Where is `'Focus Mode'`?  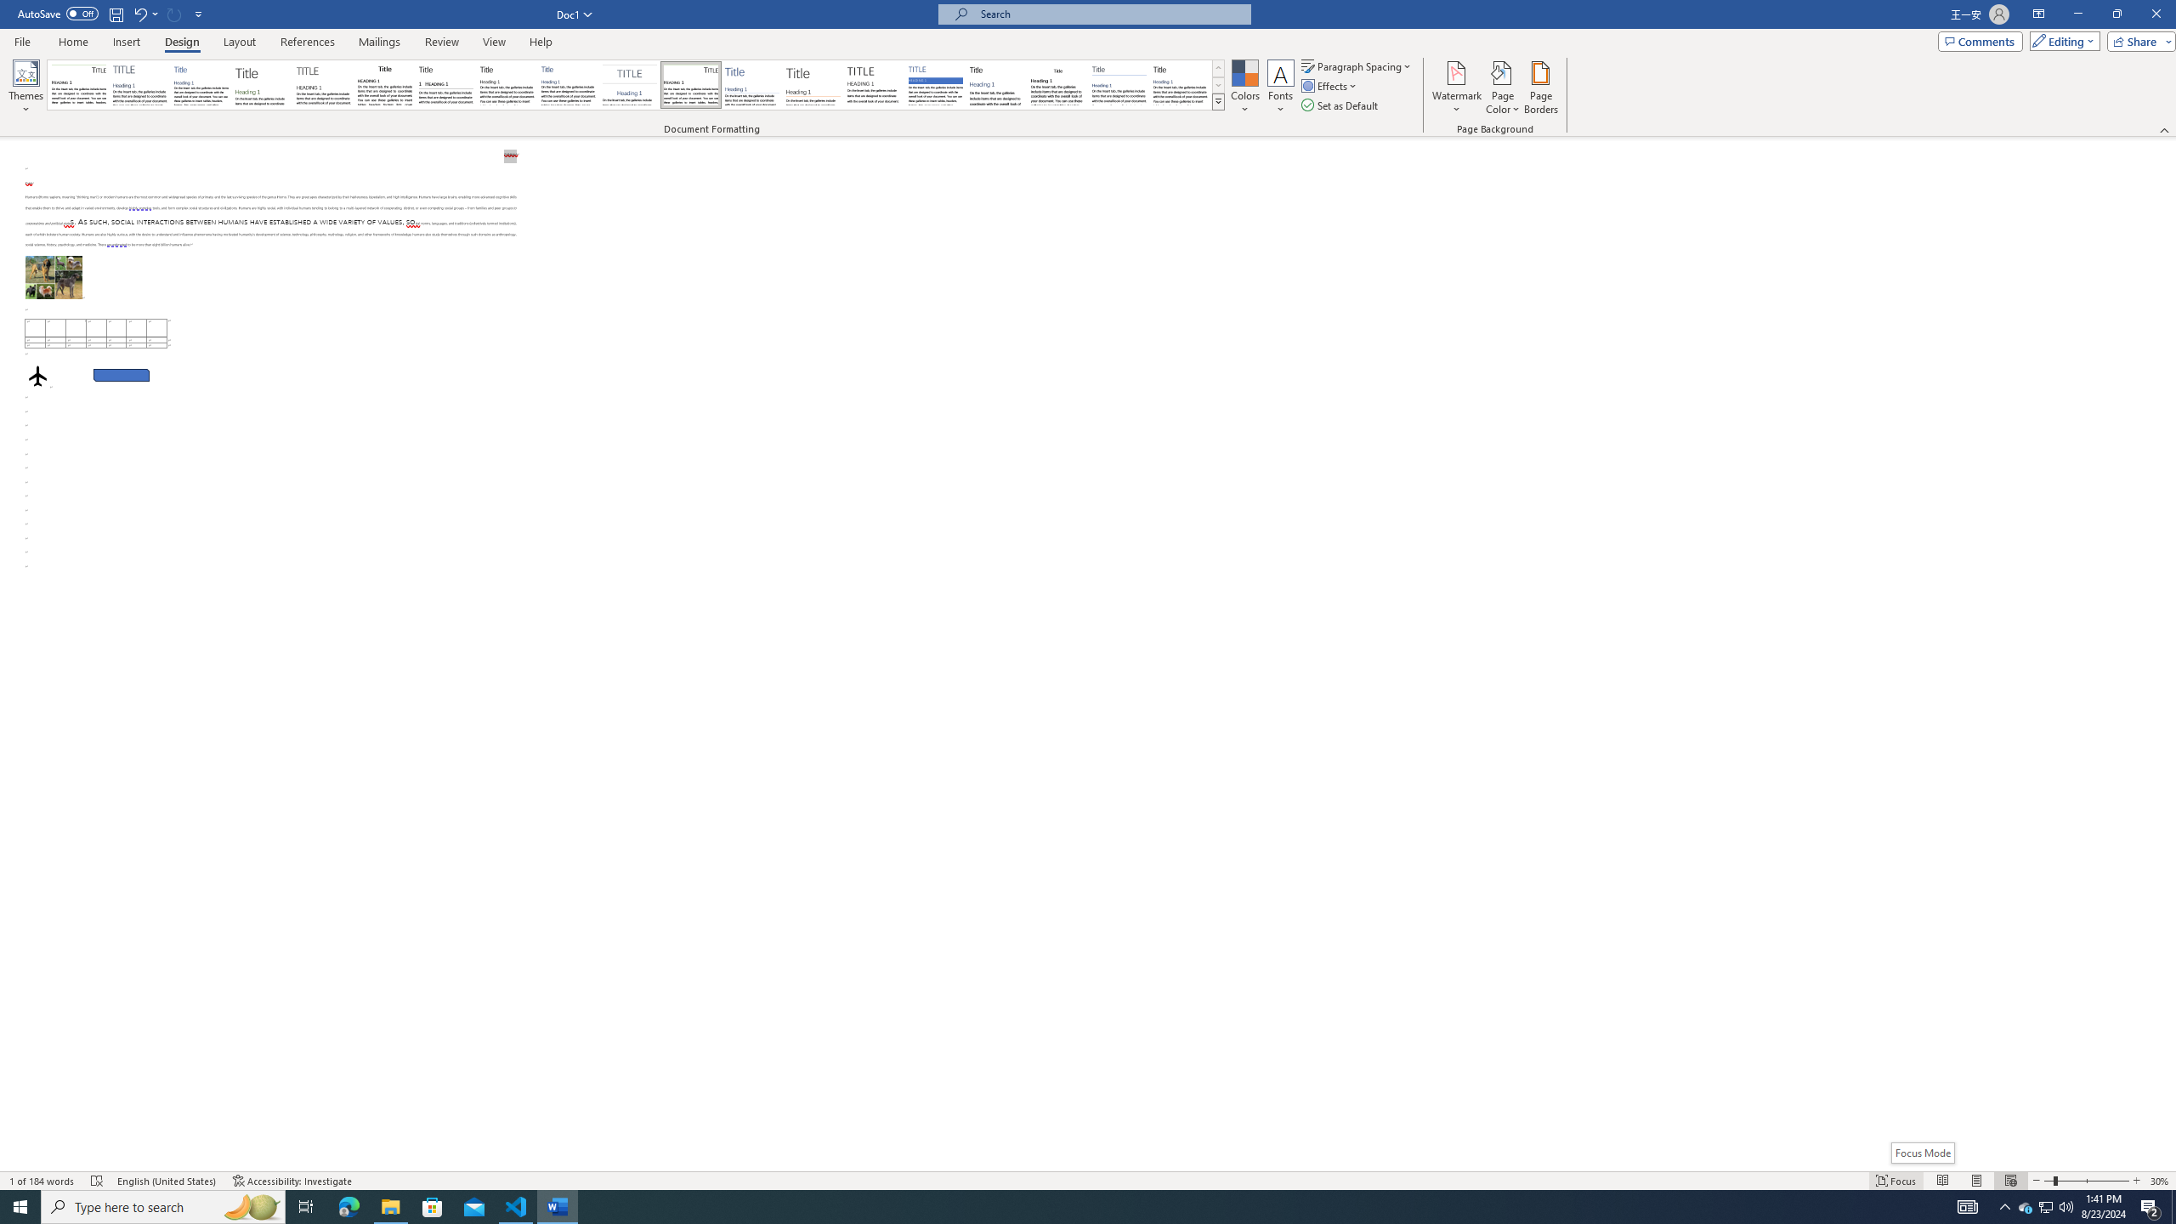
'Focus Mode' is located at coordinates (1922, 1152).